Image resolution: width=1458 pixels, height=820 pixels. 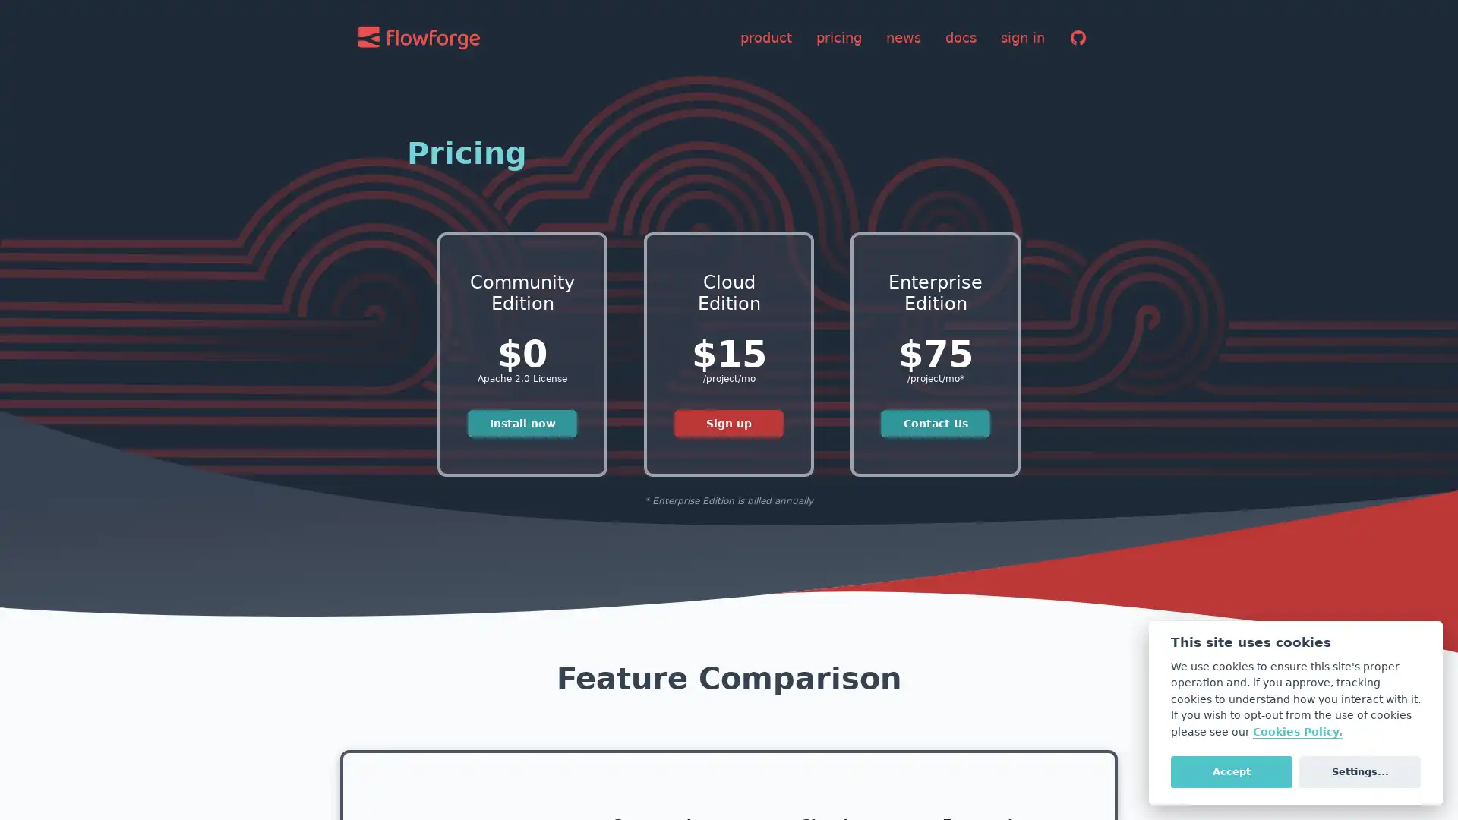 What do you see at coordinates (1231, 771) in the screenshot?
I see `Accept` at bounding box center [1231, 771].